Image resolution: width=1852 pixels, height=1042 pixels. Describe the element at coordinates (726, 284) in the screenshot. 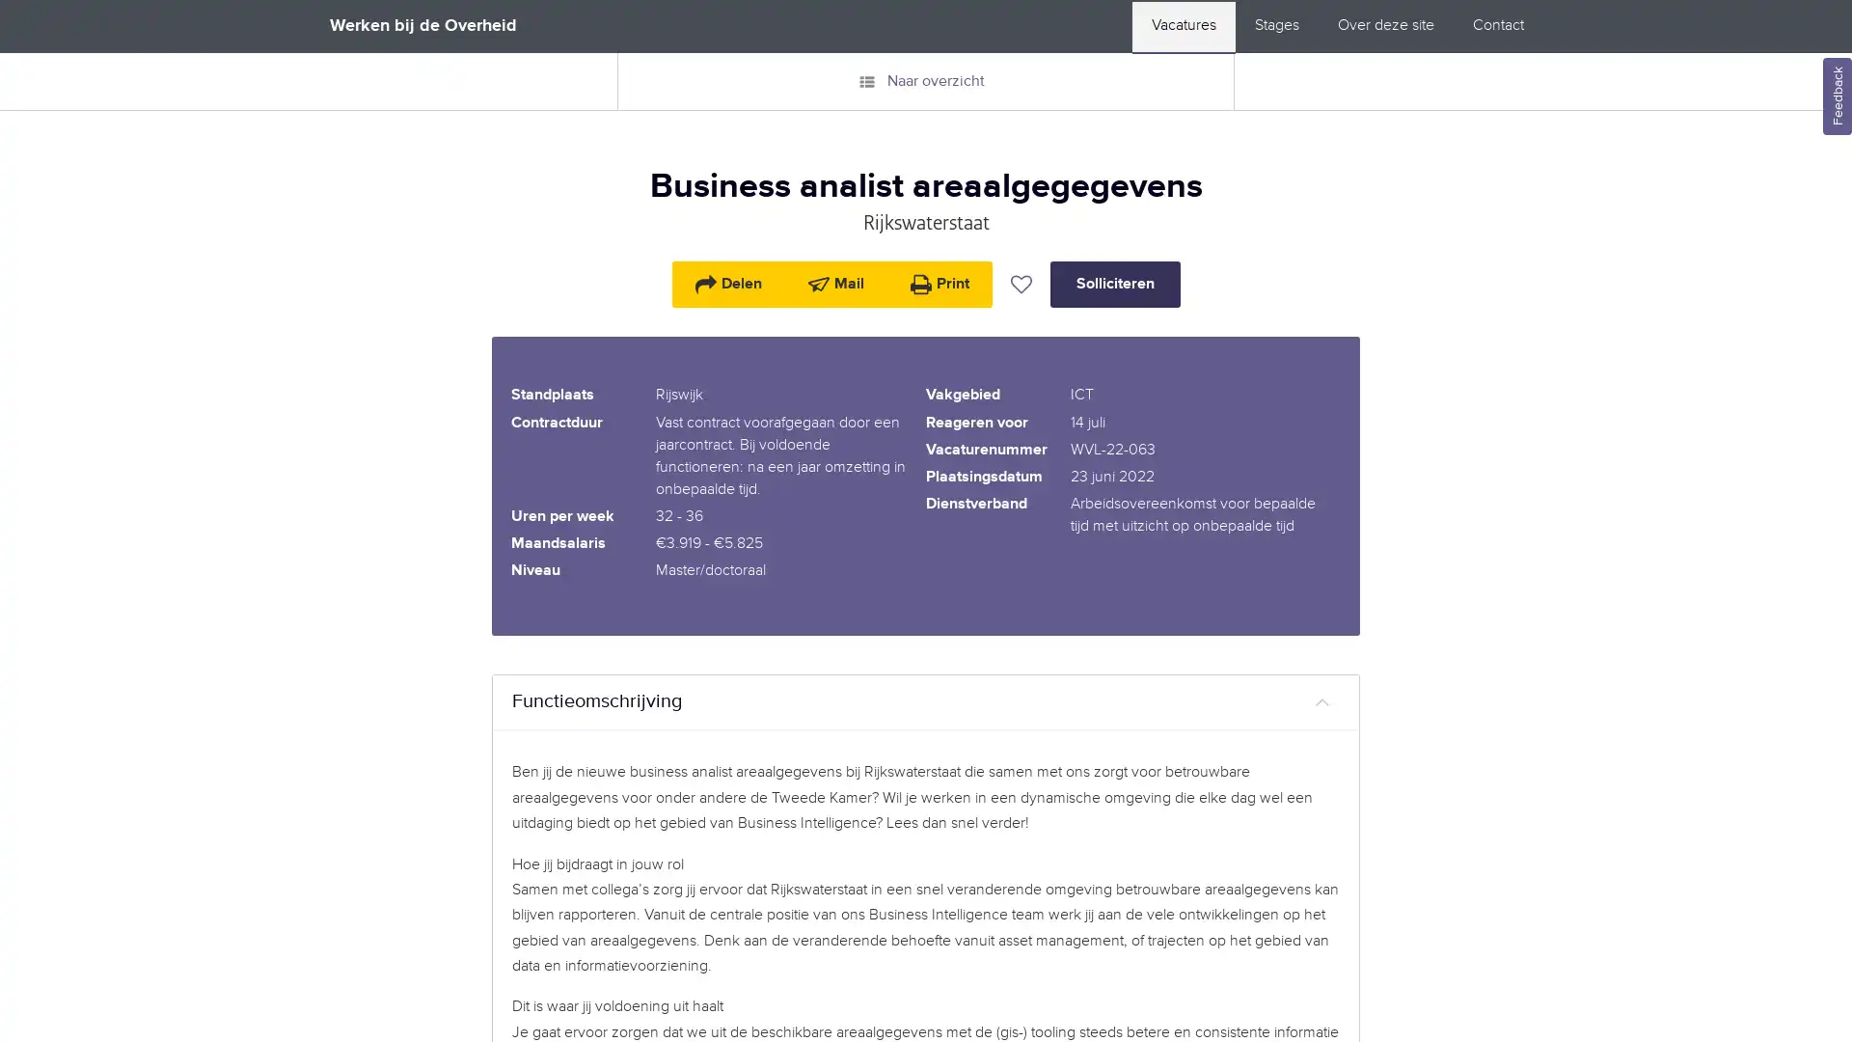

I see `Delen` at that location.